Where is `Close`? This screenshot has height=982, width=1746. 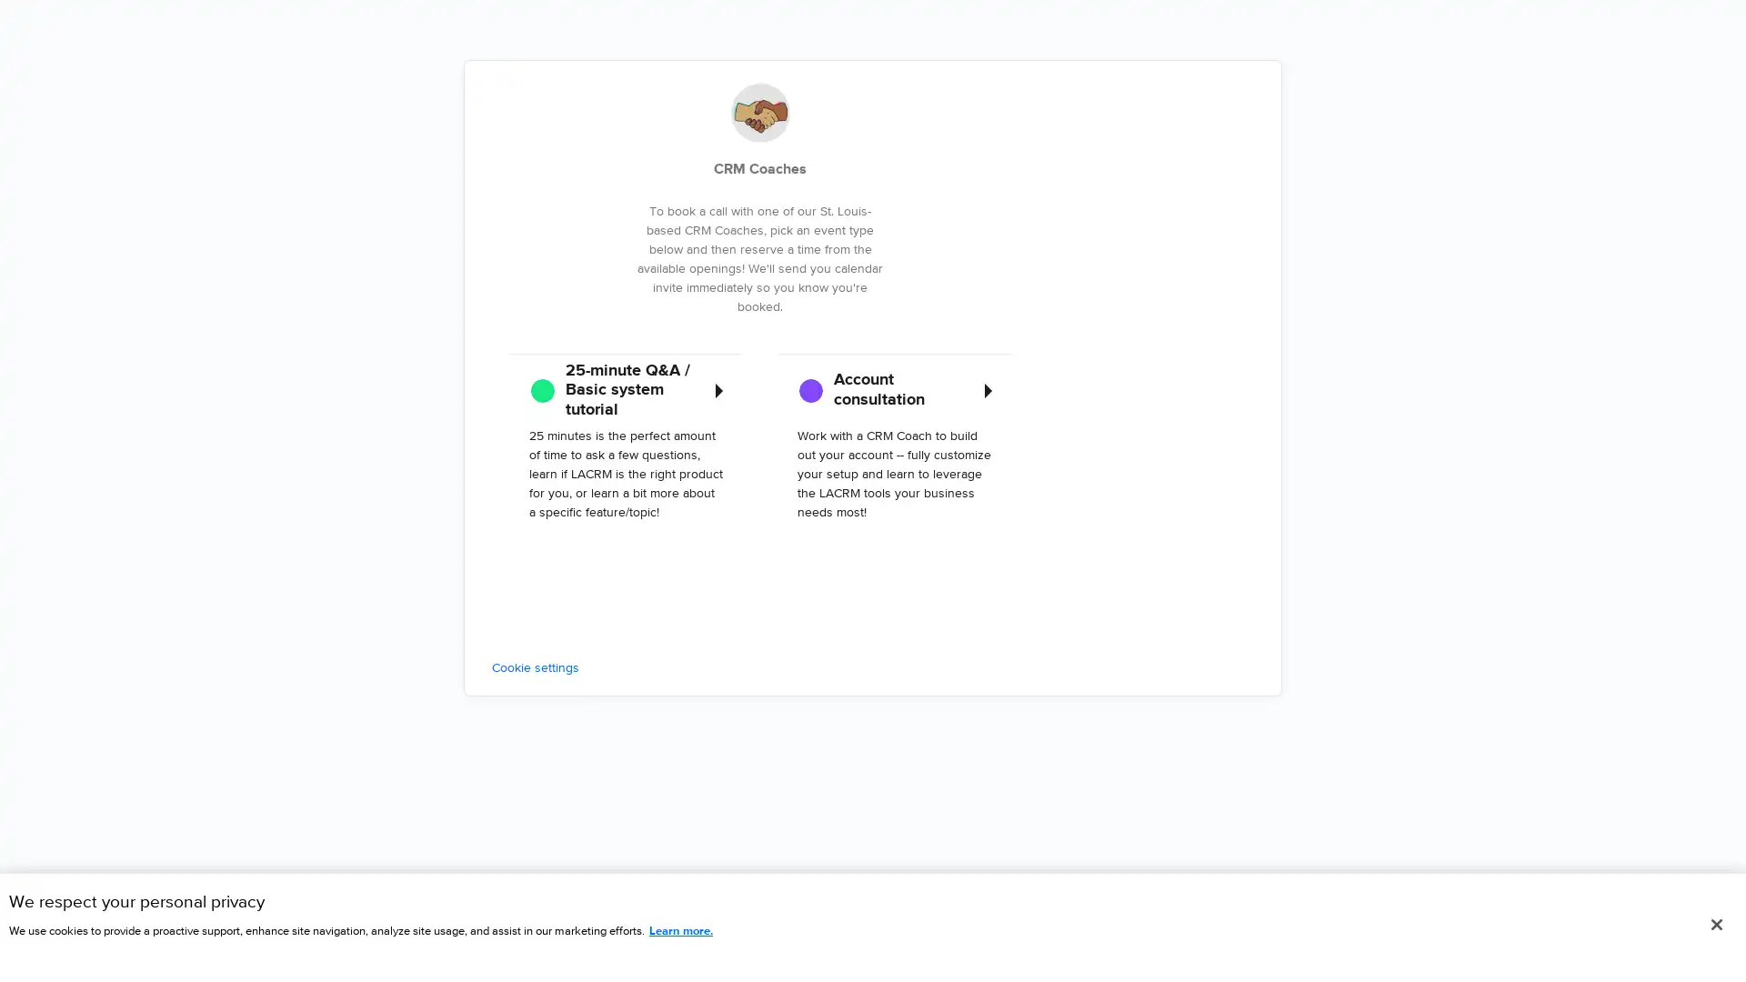 Close is located at coordinates (1715, 925).